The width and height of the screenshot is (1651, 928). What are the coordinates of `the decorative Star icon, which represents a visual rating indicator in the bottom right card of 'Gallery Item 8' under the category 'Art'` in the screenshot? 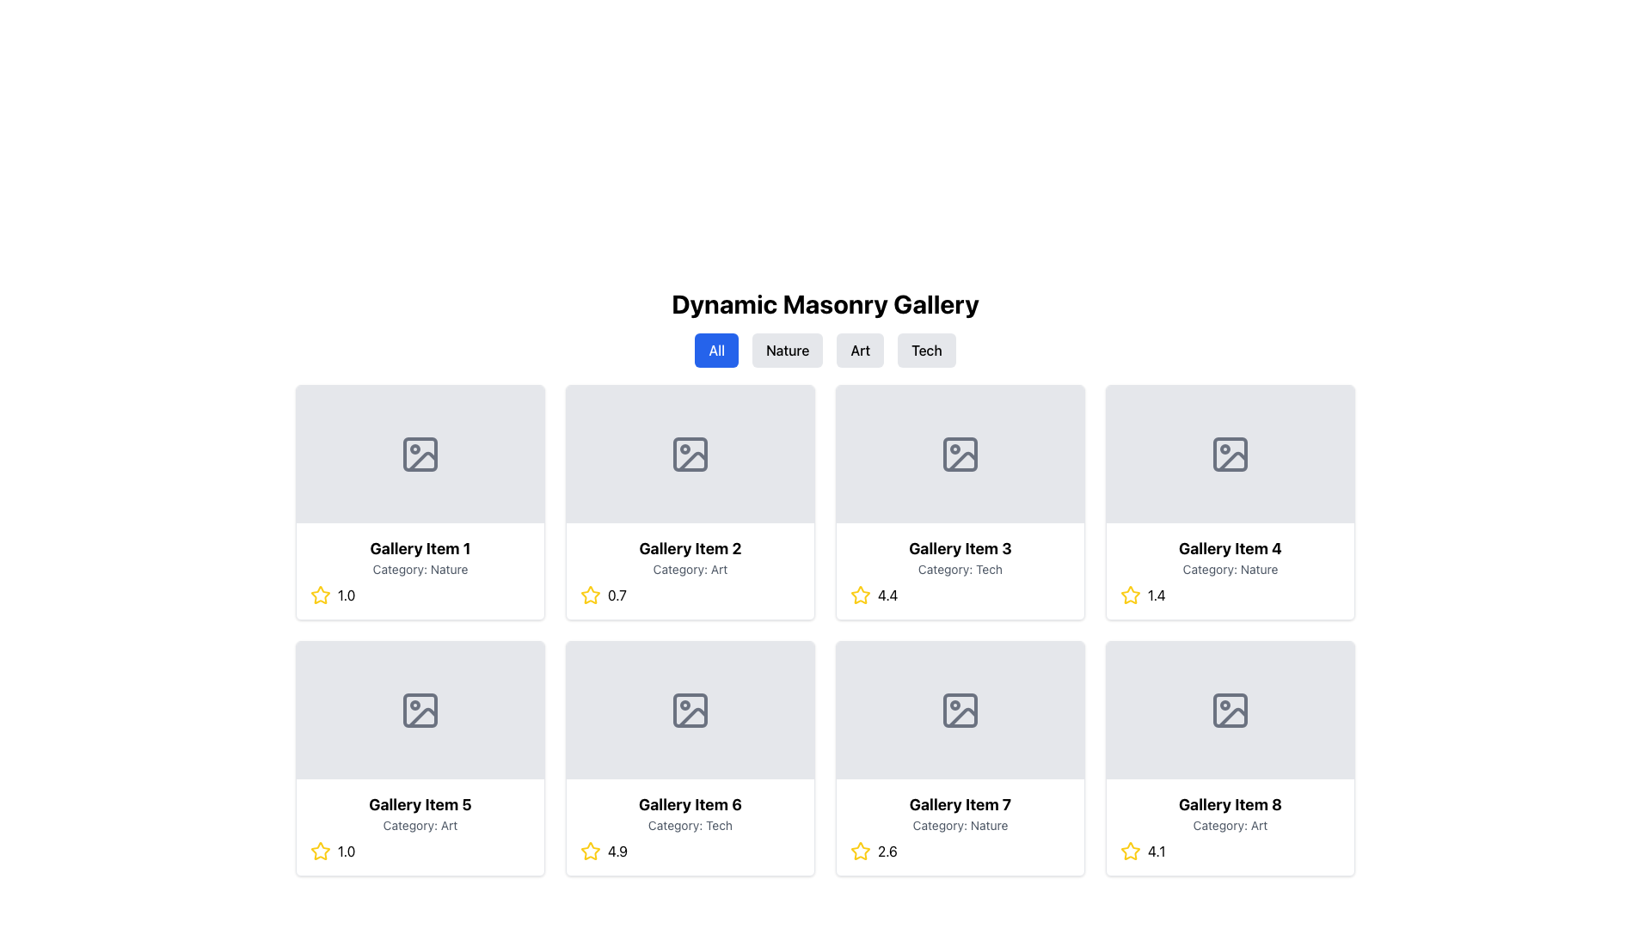 It's located at (1131, 852).